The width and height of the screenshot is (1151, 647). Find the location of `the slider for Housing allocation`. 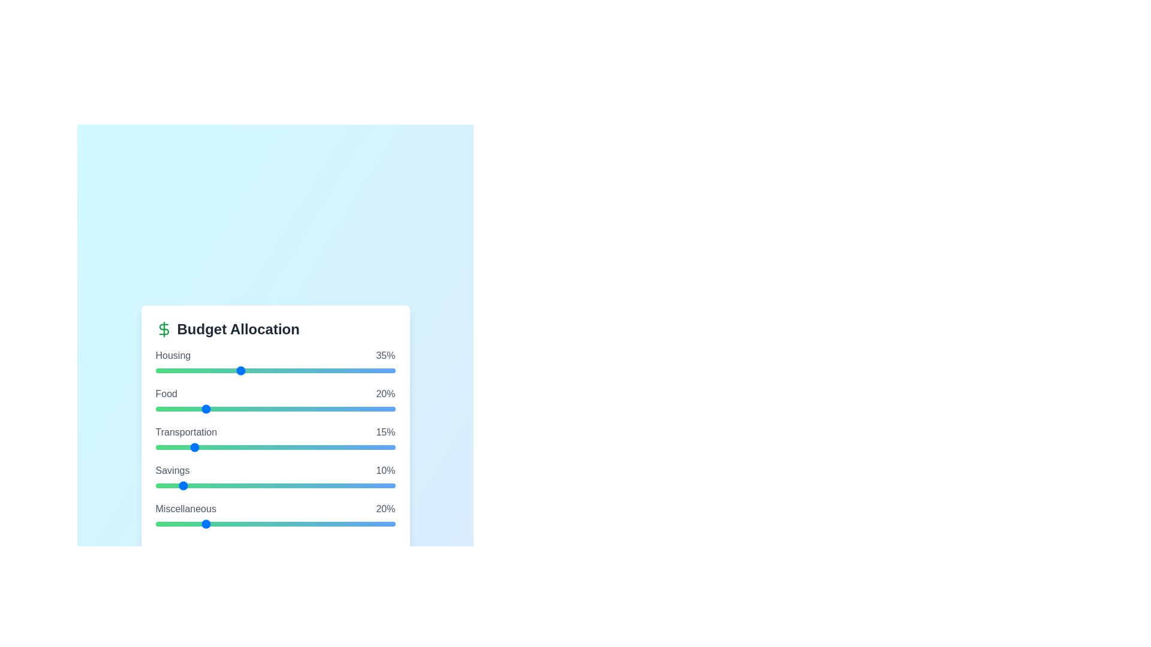

the slider for Housing allocation is located at coordinates (275, 370).